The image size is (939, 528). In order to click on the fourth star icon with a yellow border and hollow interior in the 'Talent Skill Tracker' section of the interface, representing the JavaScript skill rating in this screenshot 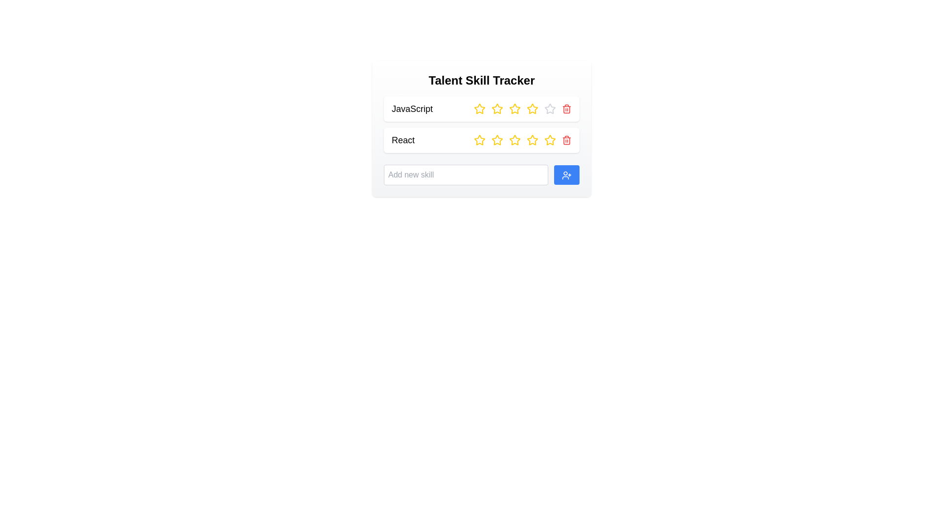, I will do `click(514, 109)`.